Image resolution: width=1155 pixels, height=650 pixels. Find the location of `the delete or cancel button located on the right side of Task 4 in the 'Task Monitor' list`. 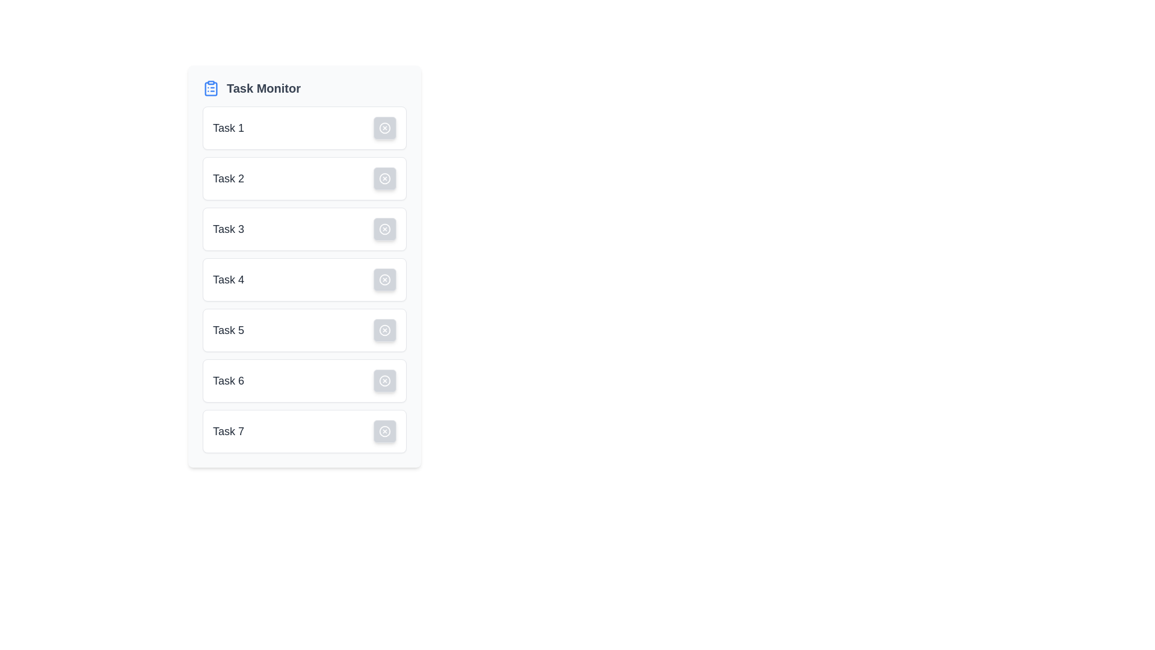

the delete or cancel button located on the right side of Task 4 in the 'Task Monitor' list is located at coordinates (384, 280).